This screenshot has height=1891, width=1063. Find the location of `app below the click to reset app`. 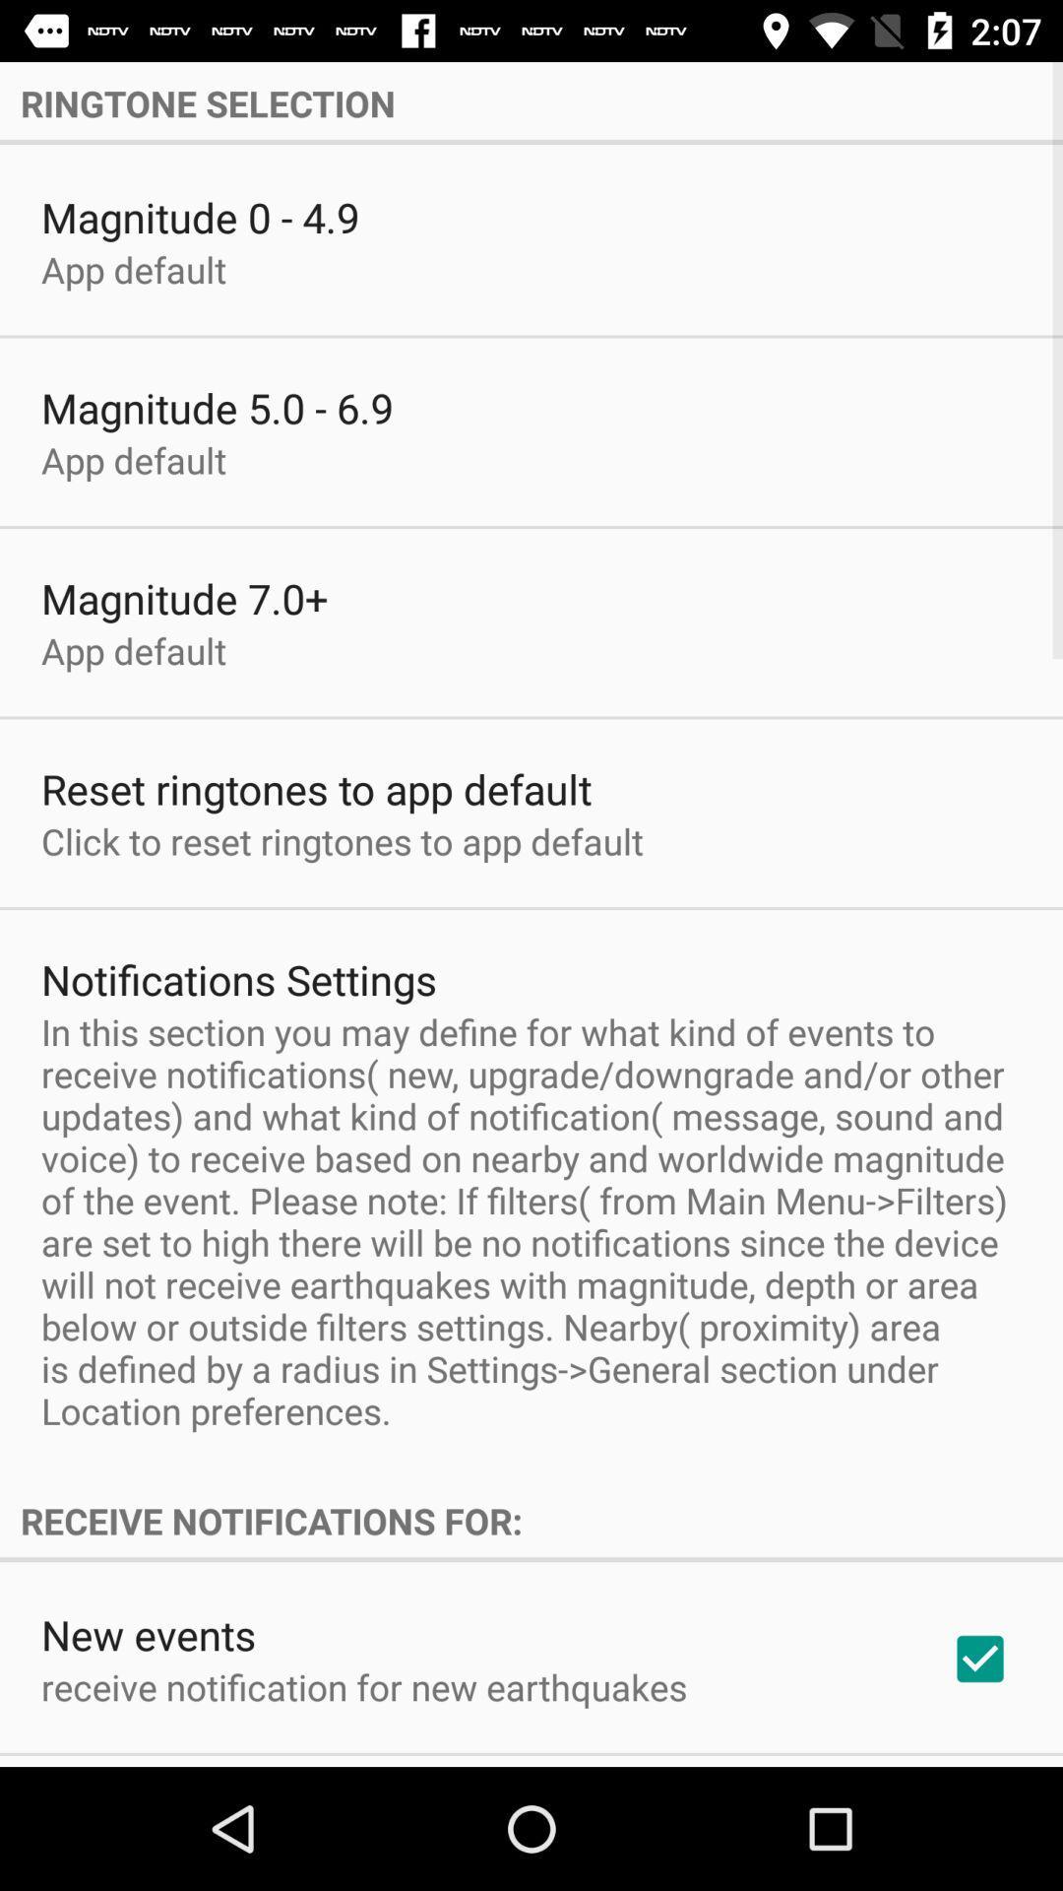

app below the click to reset app is located at coordinates (238, 979).